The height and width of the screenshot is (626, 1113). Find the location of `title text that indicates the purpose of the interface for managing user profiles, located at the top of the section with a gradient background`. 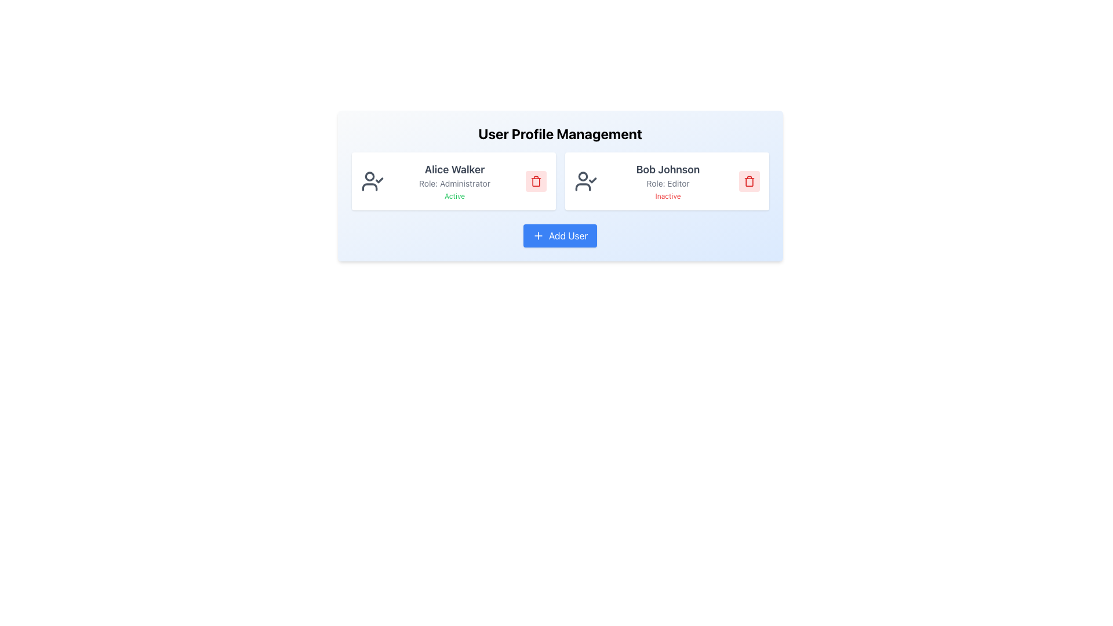

title text that indicates the purpose of the interface for managing user profiles, located at the top of the section with a gradient background is located at coordinates (560, 133).